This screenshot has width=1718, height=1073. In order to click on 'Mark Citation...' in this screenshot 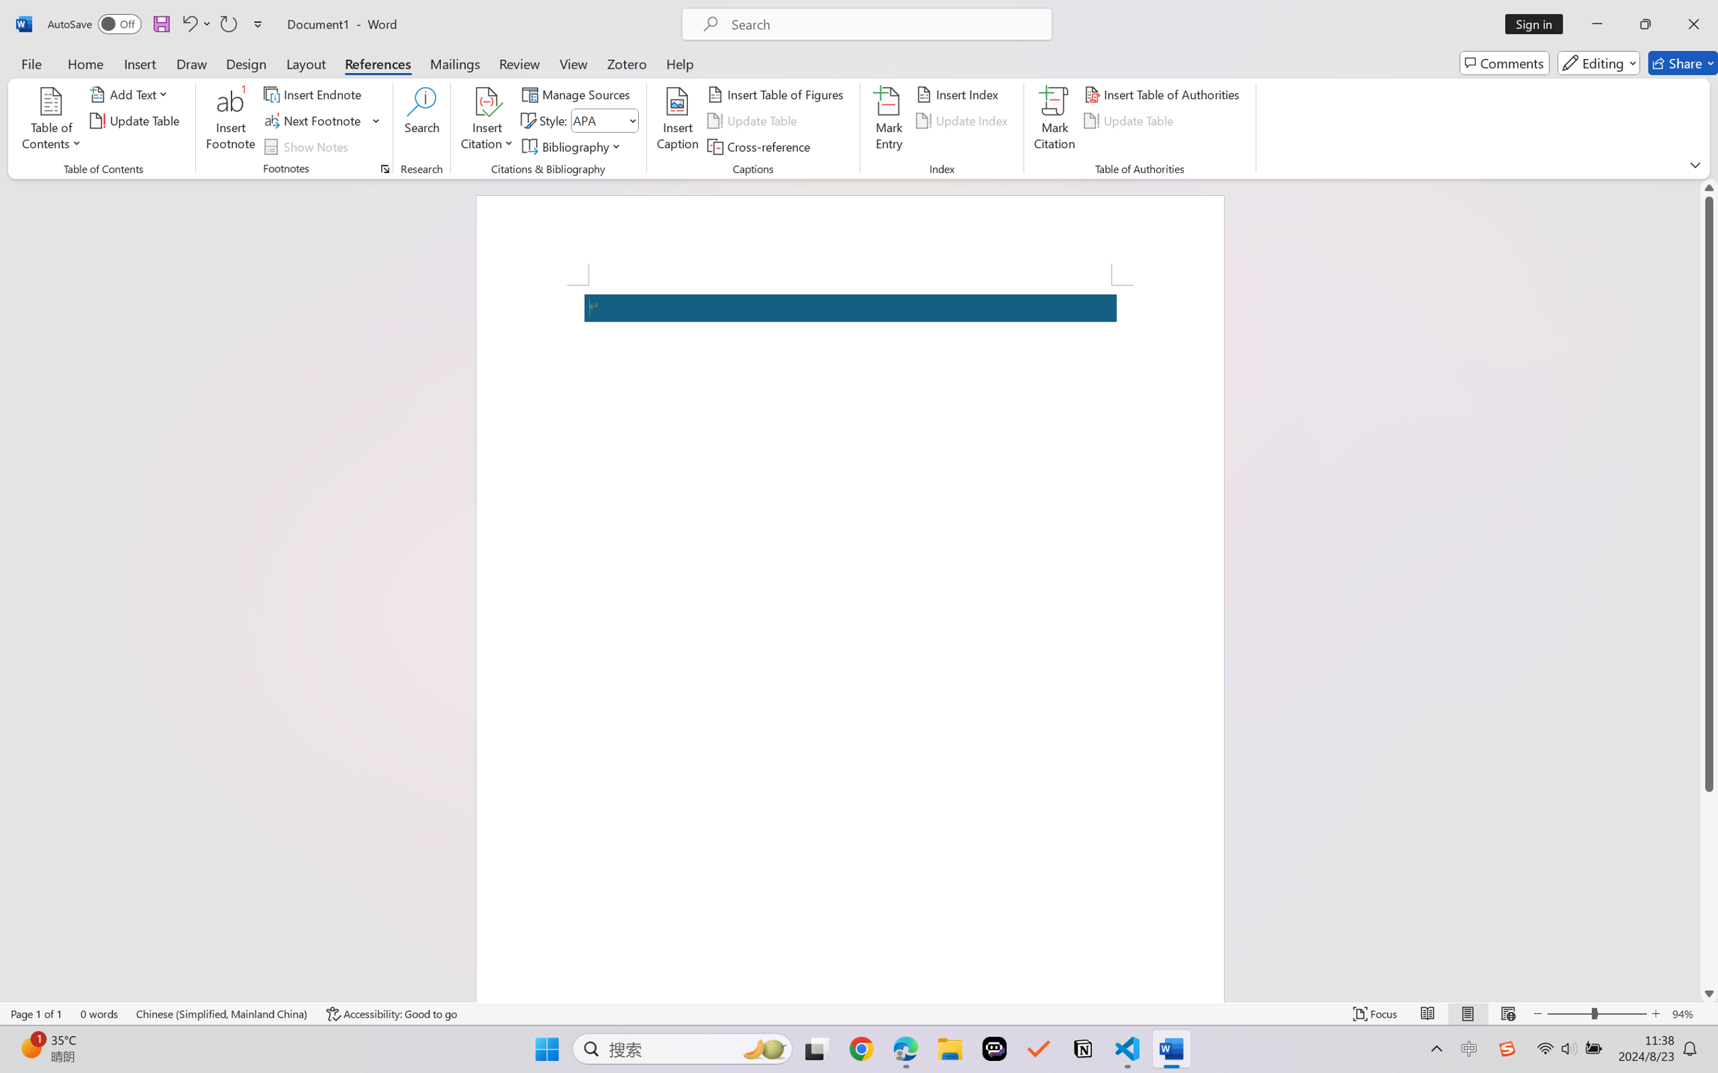, I will do `click(1054, 121)`.